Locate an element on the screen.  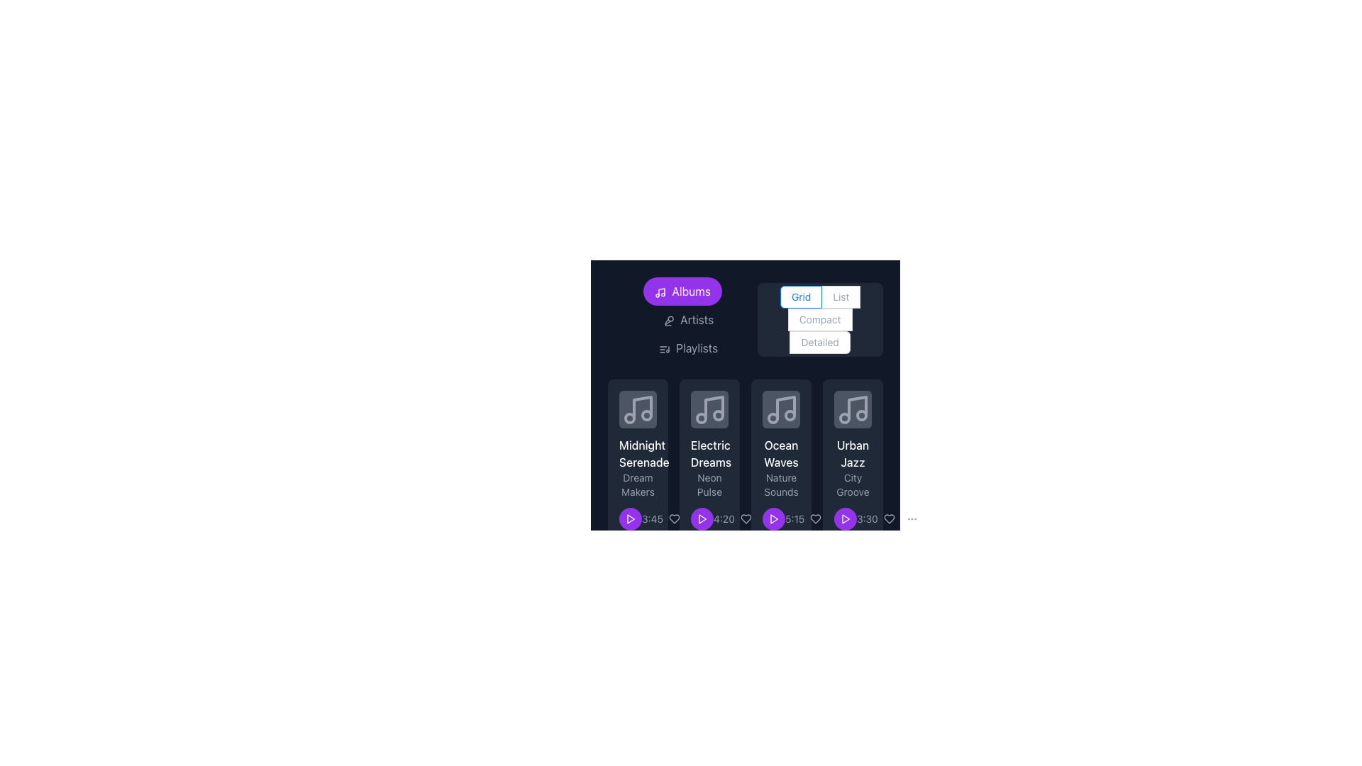
the play icon and time display element in the 'Midnight Serenade' card to change the button's color is located at coordinates (637, 519).